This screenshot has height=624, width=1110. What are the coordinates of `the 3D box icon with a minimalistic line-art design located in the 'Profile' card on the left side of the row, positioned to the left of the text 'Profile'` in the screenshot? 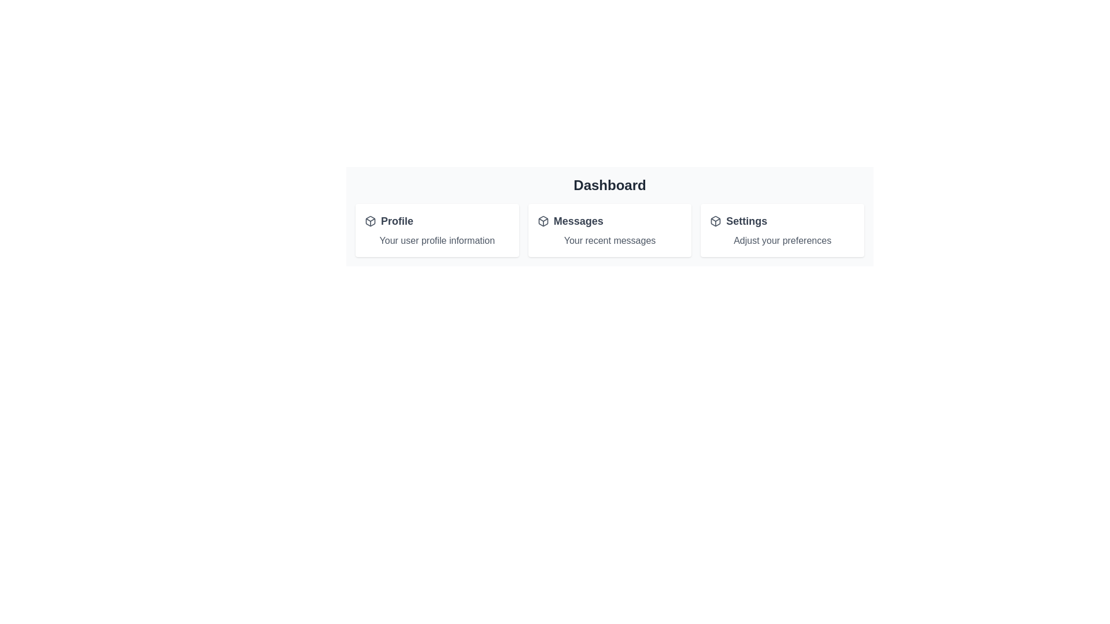 It's located at (371, 221).